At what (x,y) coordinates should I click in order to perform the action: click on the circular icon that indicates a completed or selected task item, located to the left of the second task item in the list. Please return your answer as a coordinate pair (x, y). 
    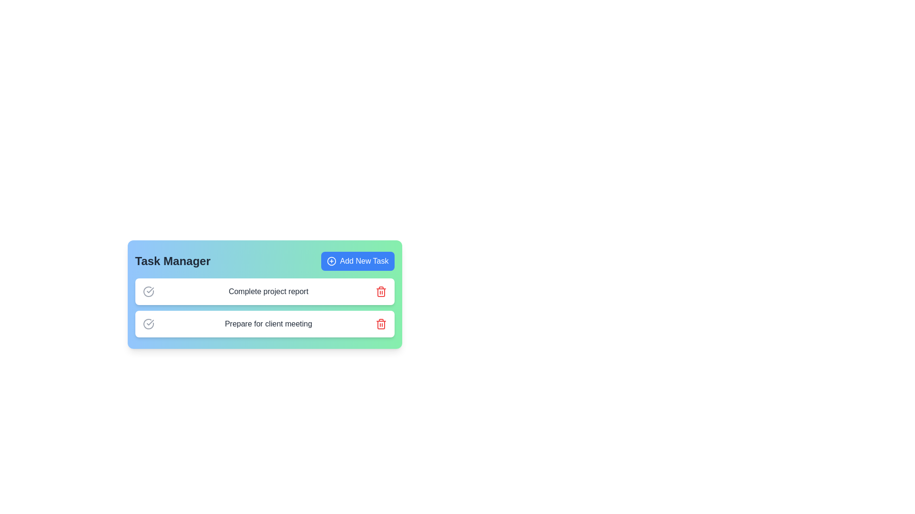
    Looking at the image, I should click on (150, 289).